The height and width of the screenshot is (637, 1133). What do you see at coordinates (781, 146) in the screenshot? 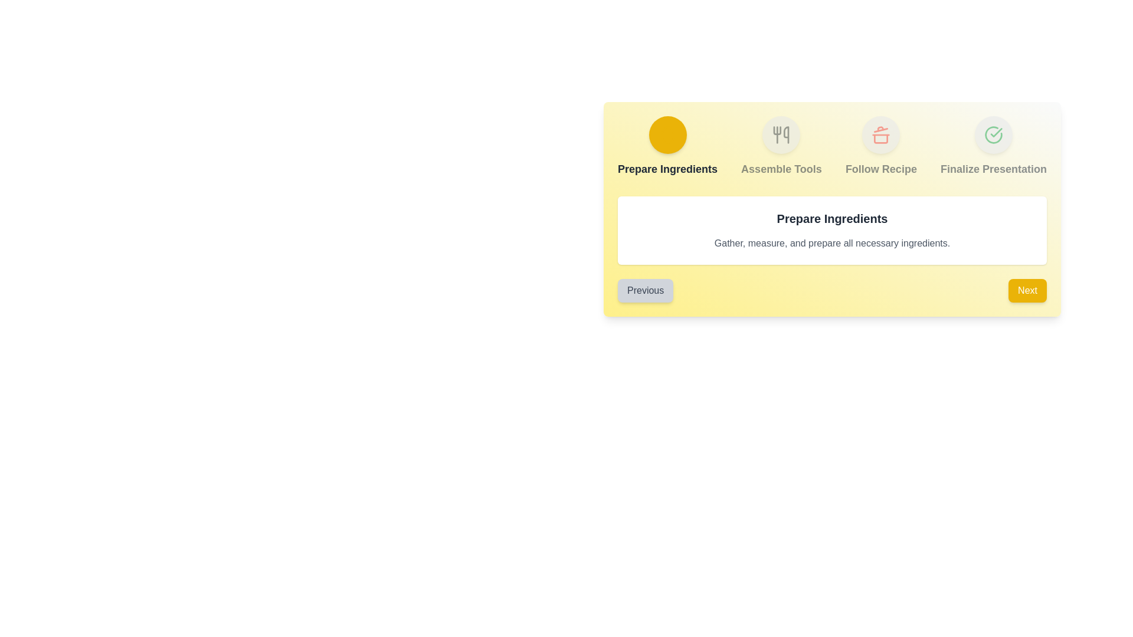
I see `the circular icon with utensils and the text label 'Assemble Tools'` at bounding box center [781, 146].